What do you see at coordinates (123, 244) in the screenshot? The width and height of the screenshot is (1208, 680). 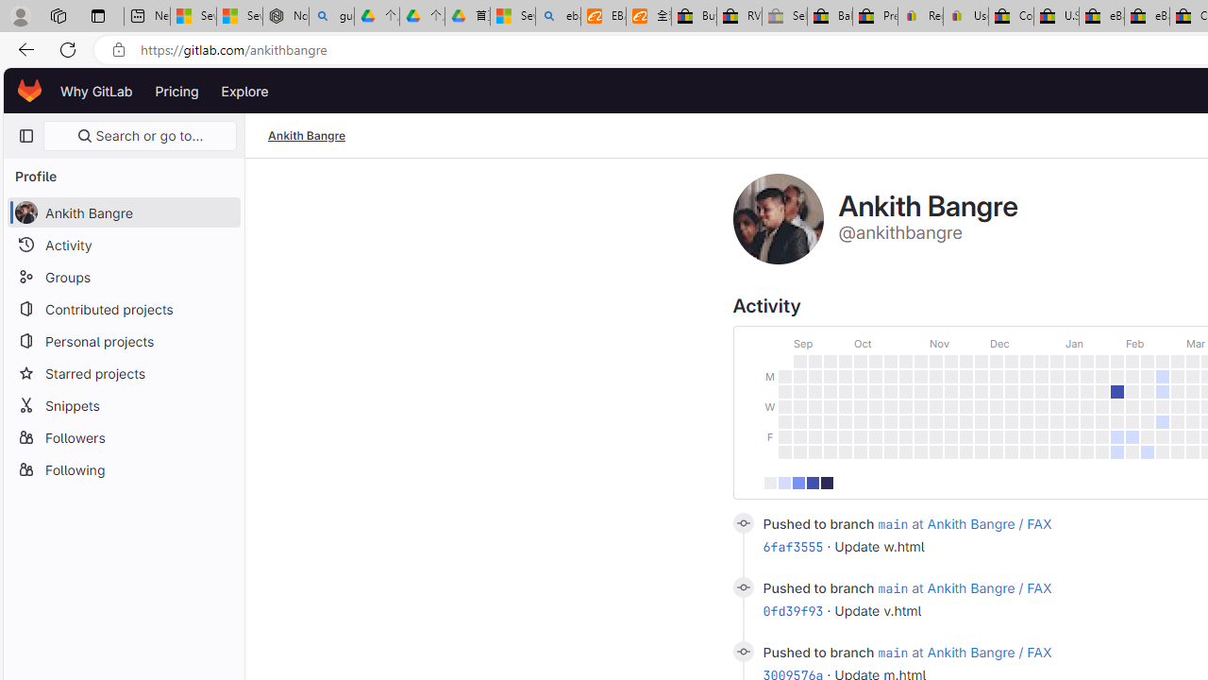 I see `'Activity'` at bounding box center [123, 244].